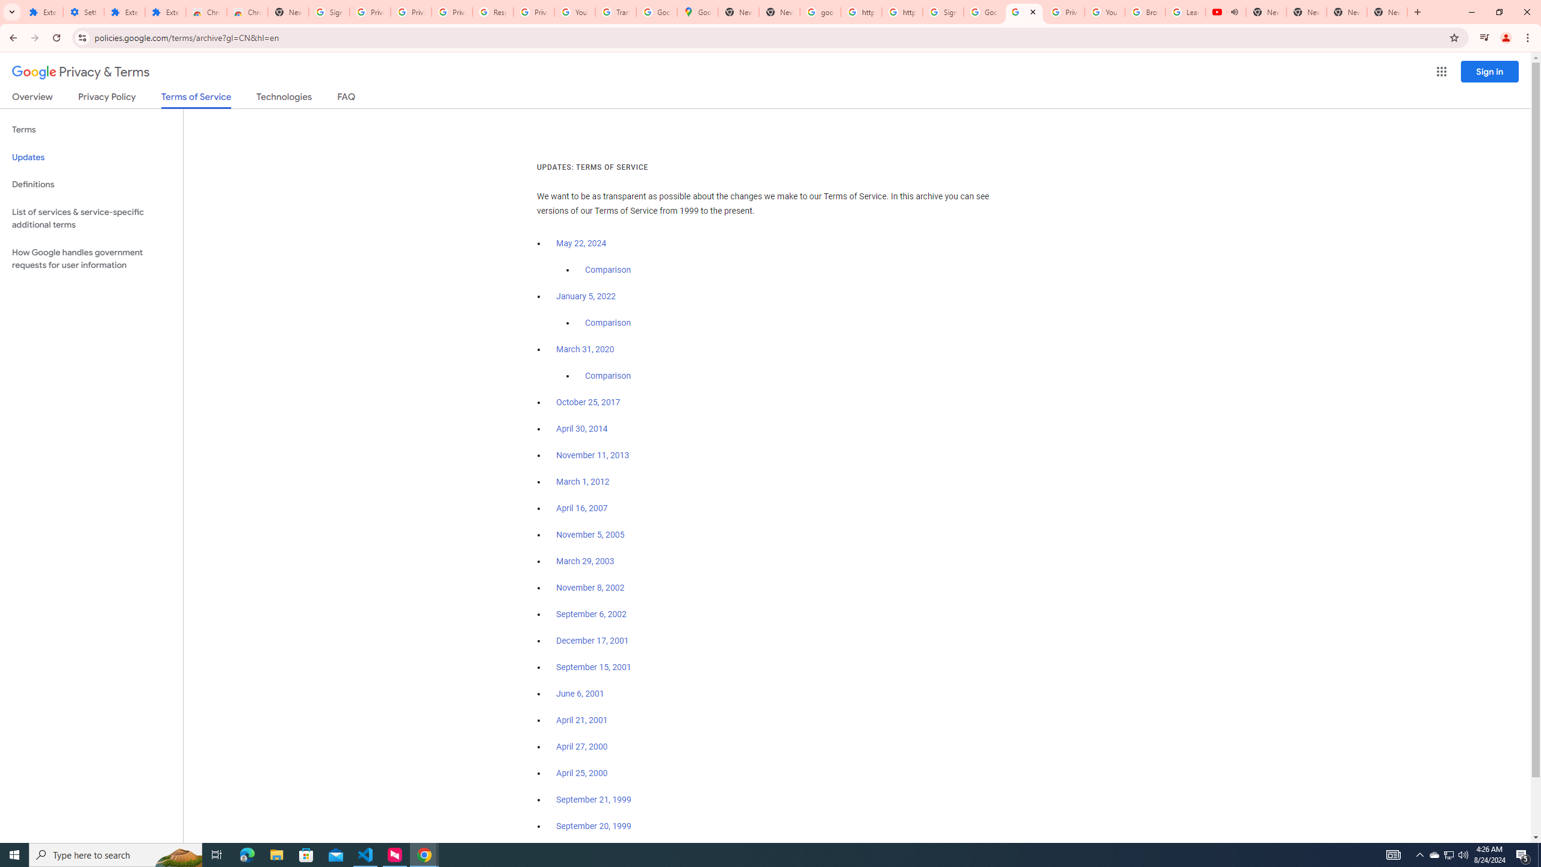  I want to click on 'New Tab', so click(1387, 11).